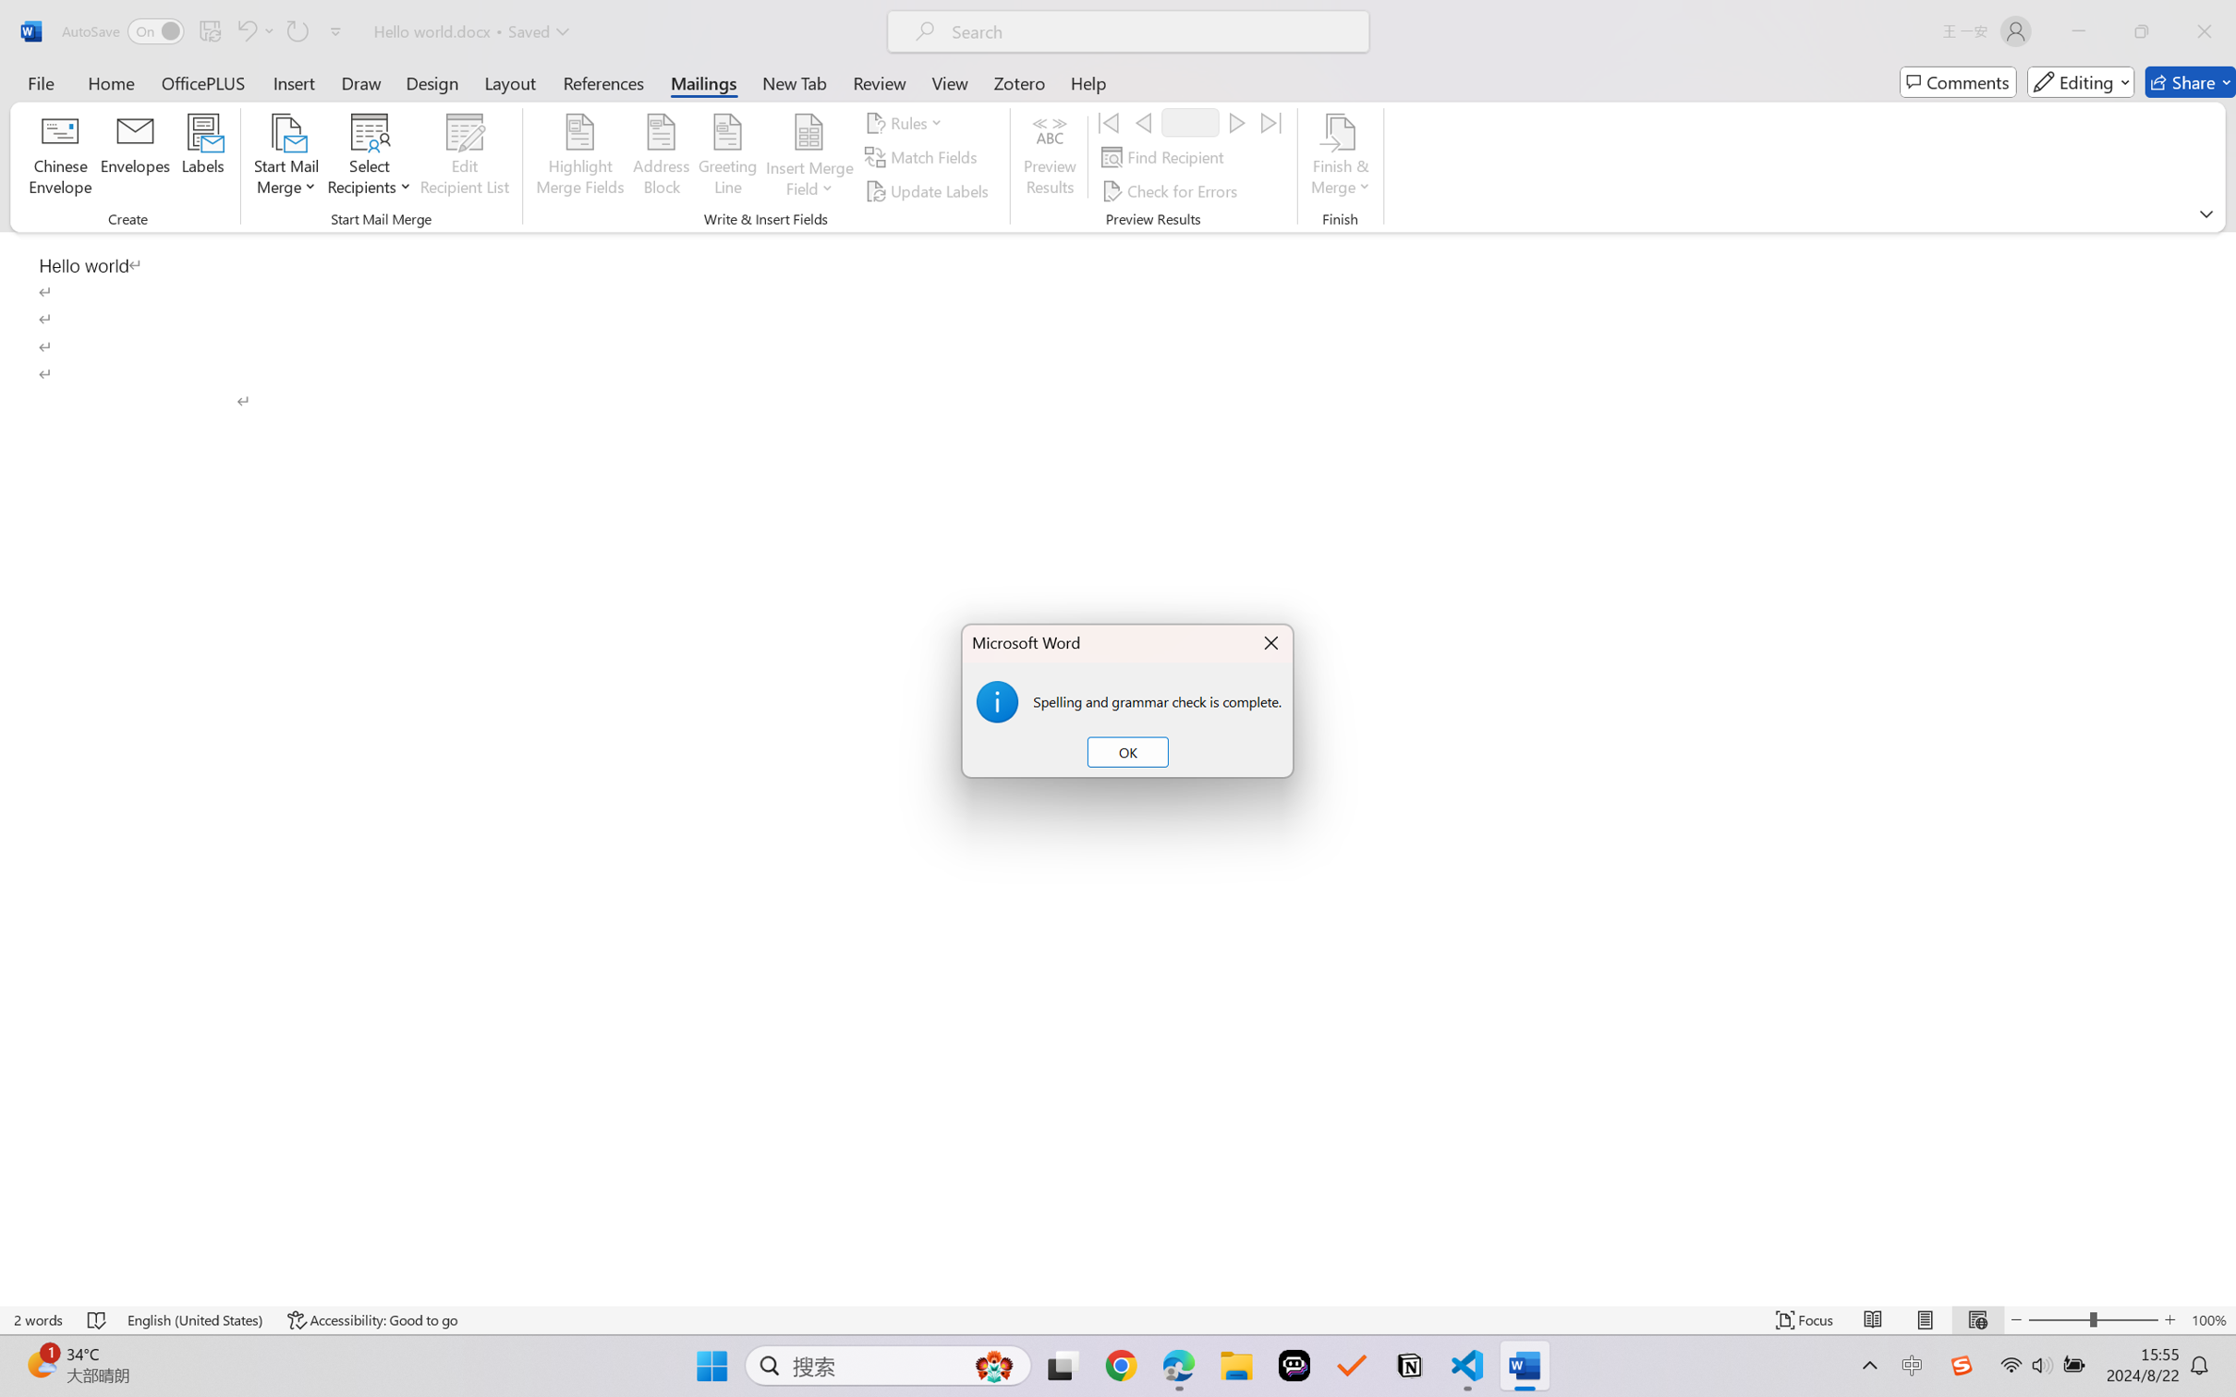  I want to click on 'Zoom Out', so click(2058, 1319).